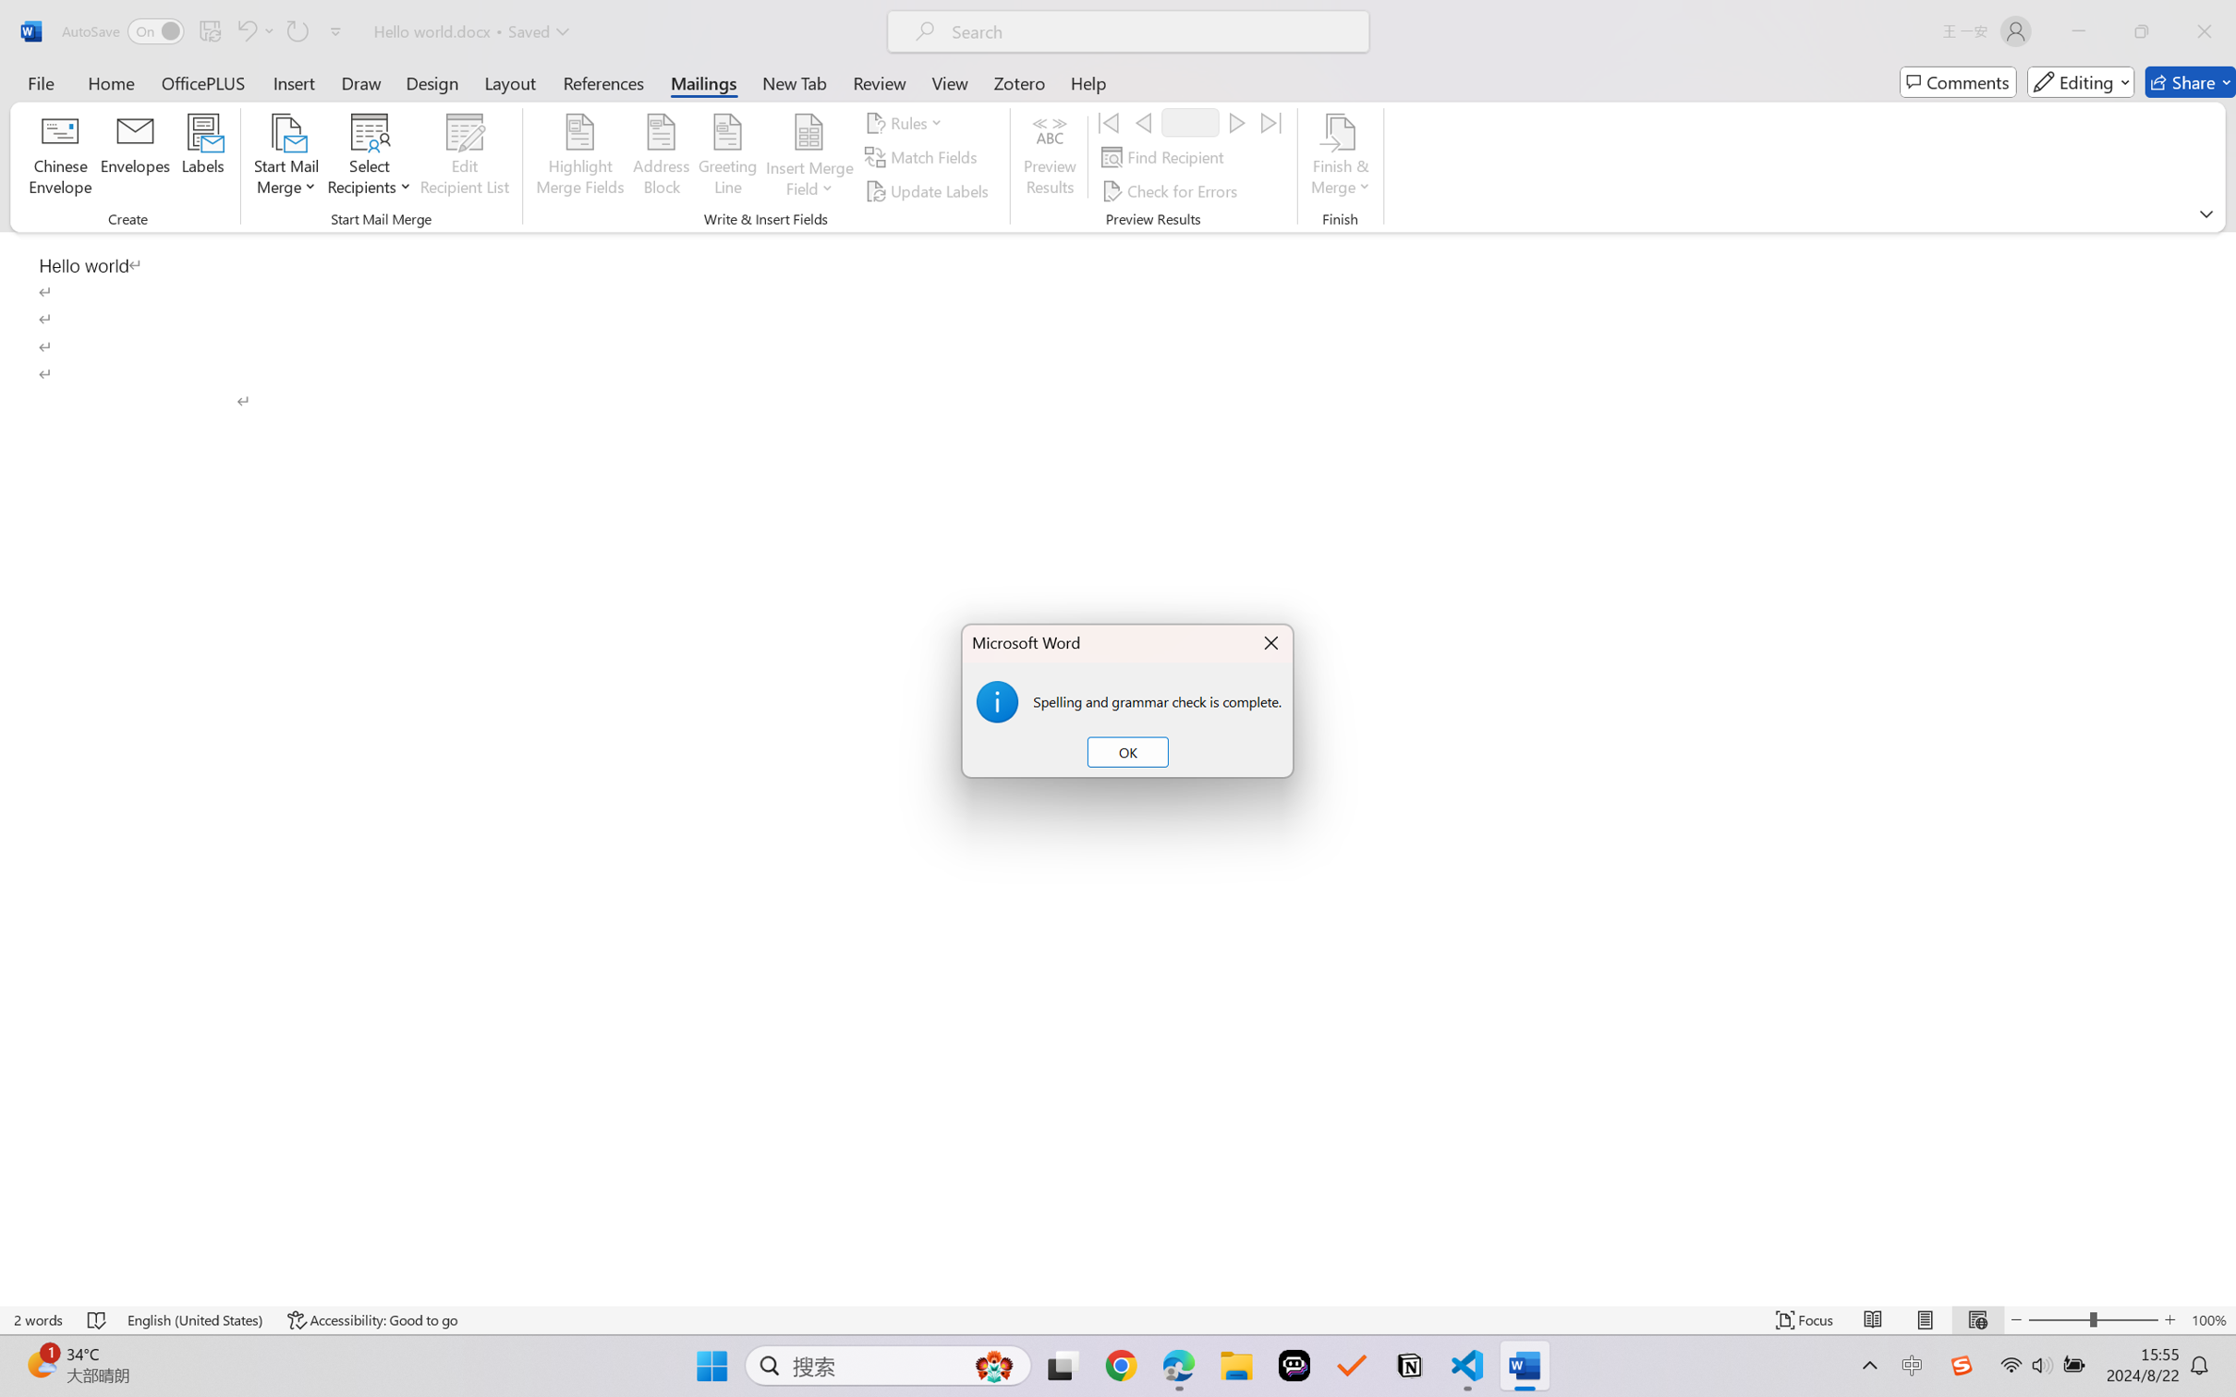  I want to click on 'Zoom Out', so click(2058, 1319).